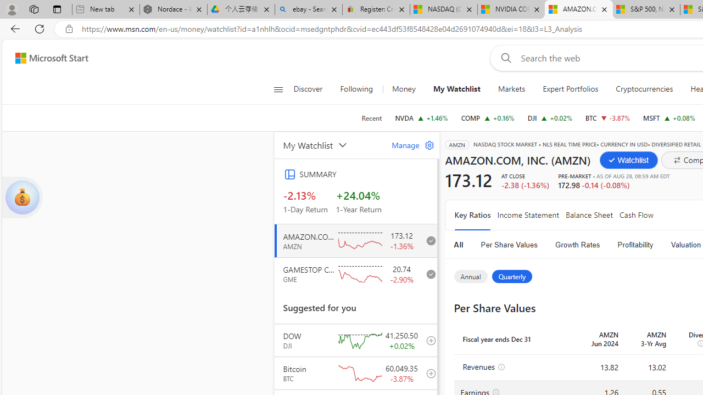 Image resolution: width=703 pixels, height=395 pixels. I want to click on 'Skip to content', so click(47, 58).